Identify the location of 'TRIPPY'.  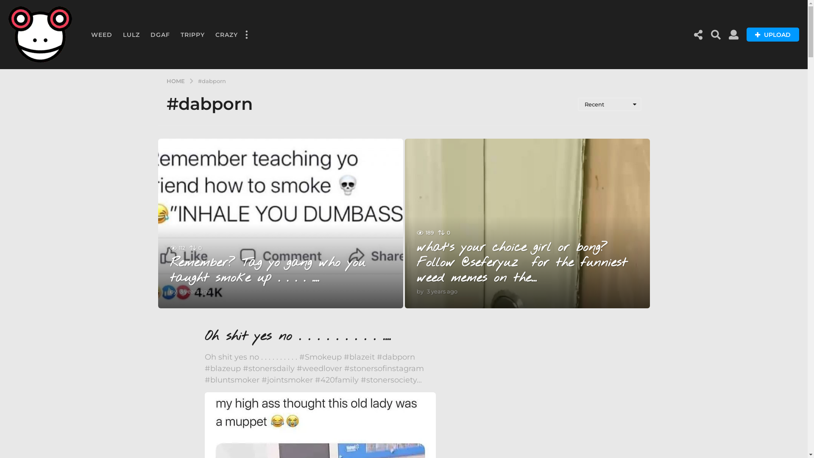
(192, 34).